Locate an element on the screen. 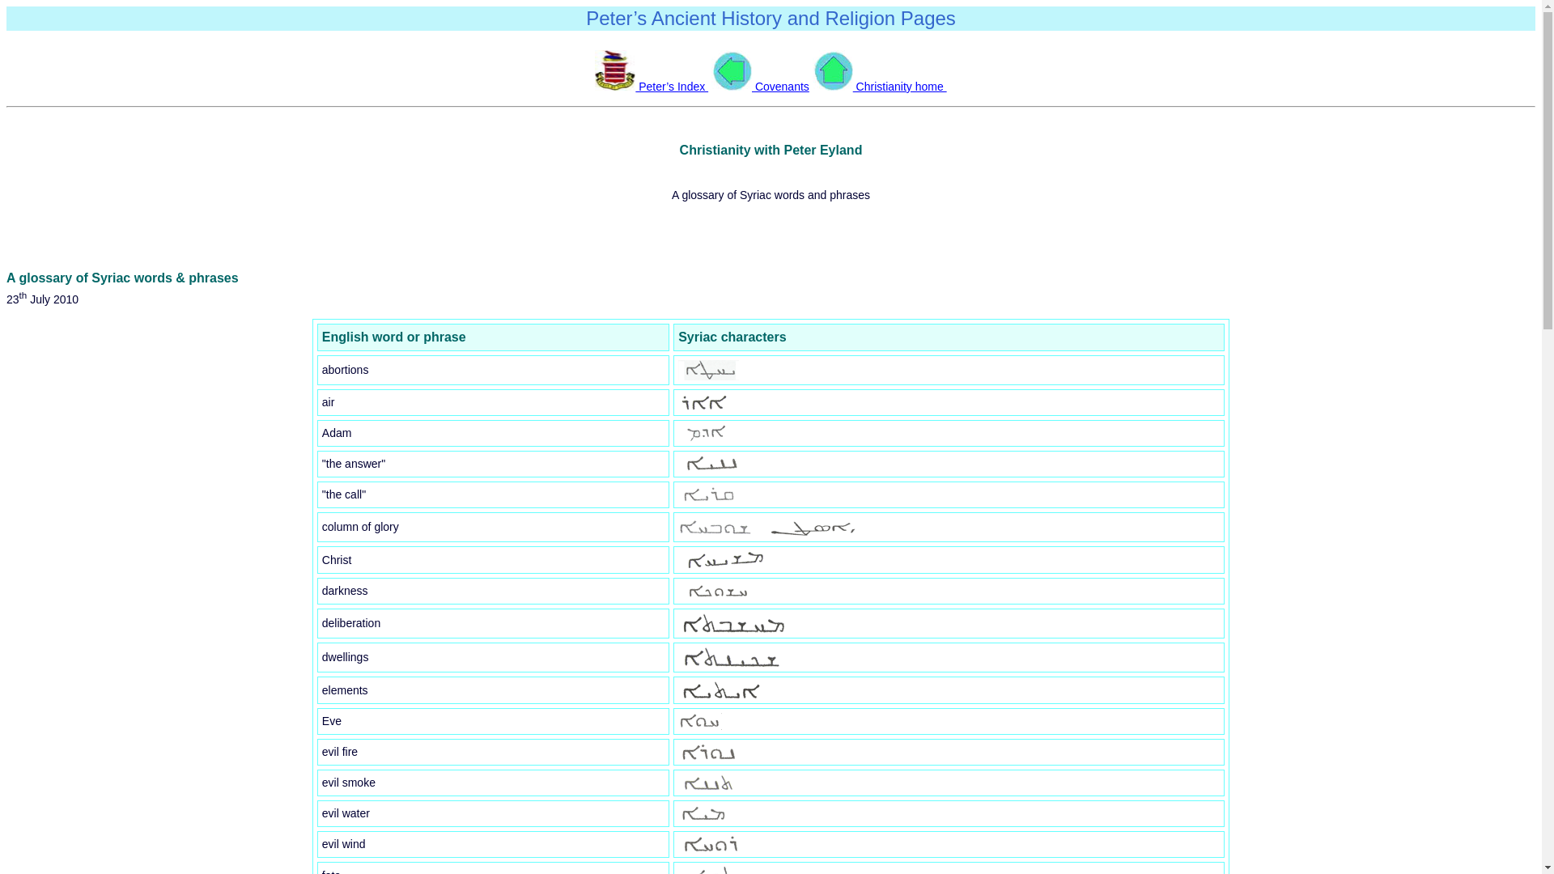 The height and width of the screenshot is (874, 1554). 'Covenants' is located at coordinates (759, 87).